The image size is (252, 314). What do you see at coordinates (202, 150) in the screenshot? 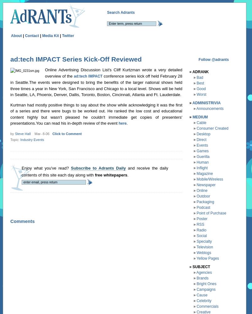
I see `'Games'` at bounding box center [202, 150].